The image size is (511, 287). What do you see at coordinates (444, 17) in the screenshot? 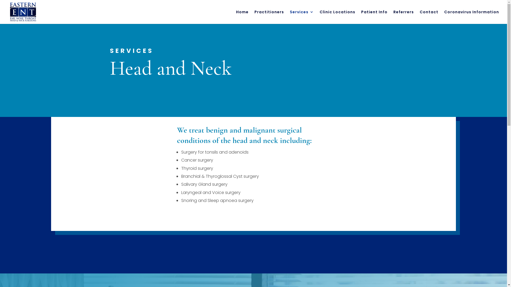
I see `'Coronavirus Information'` at bounding box center [444, 17].